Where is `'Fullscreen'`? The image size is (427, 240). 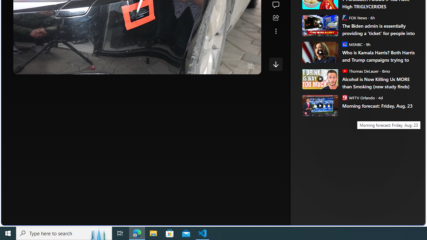 'Fullscreen' is located at coordinates (238, 67).